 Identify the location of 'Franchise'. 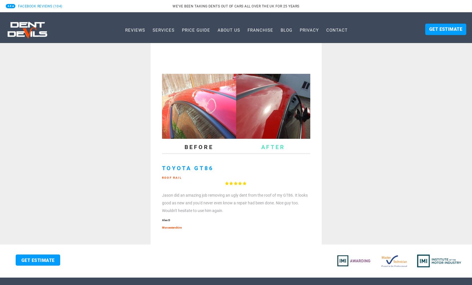
(260, 30).